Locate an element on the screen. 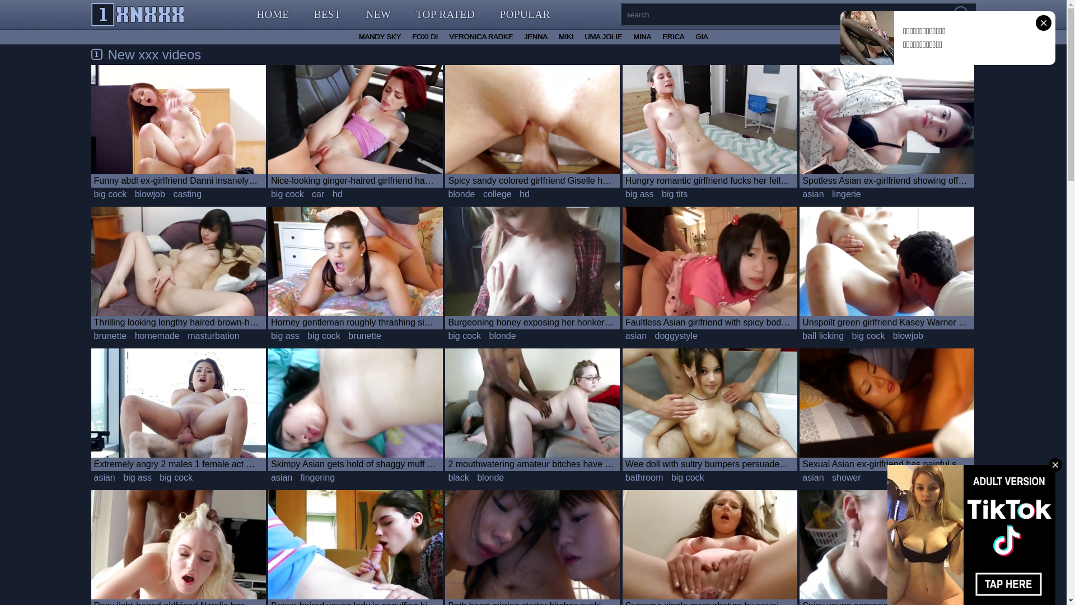 This screenshot has width=1075, height=605. 'GIA' is located at coordinates (700, 36).